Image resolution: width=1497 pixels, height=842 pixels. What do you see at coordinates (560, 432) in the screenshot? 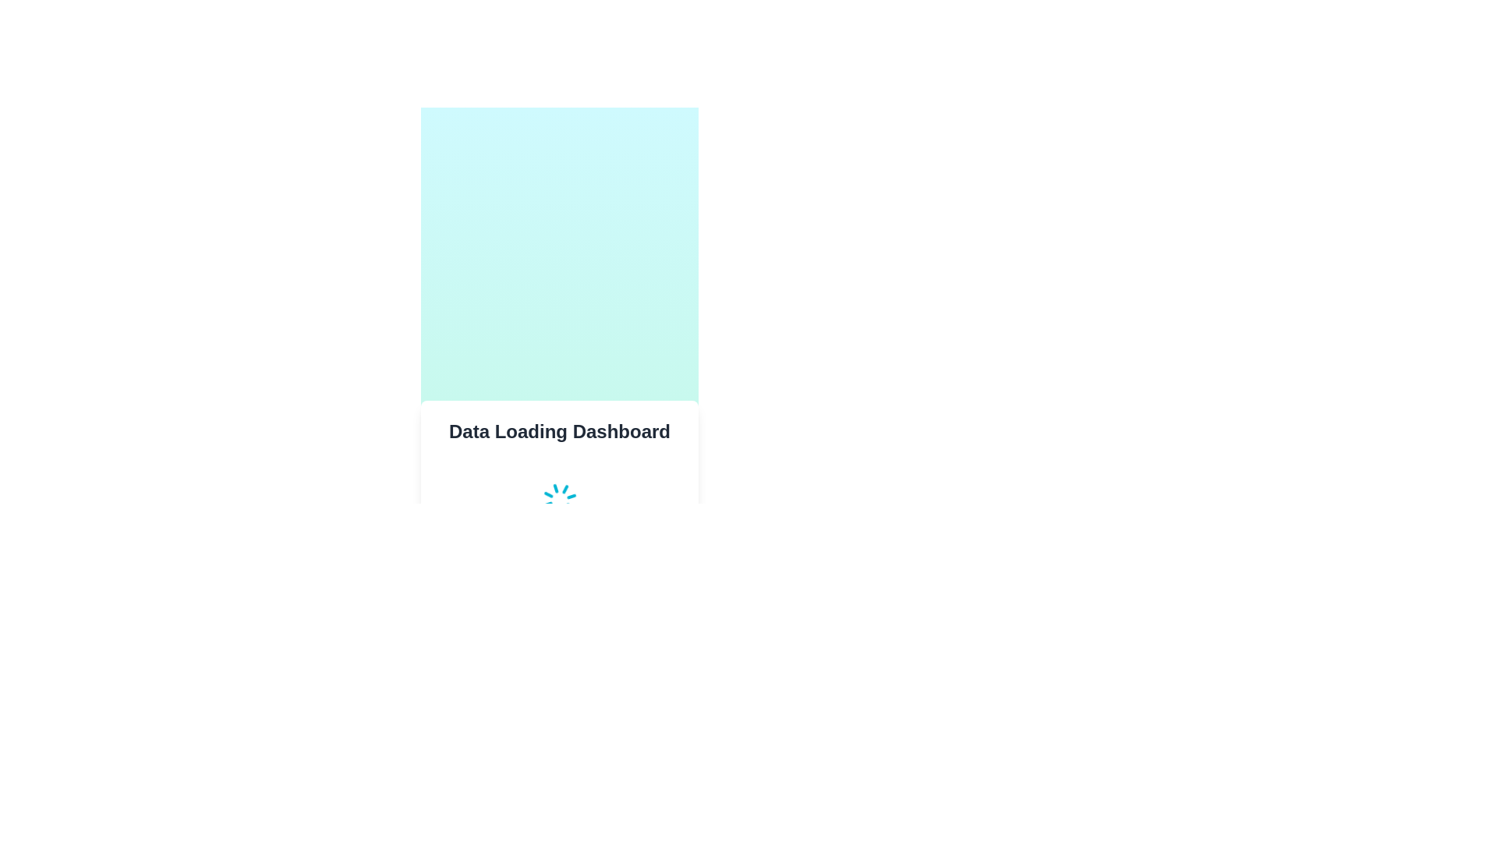
I see `the header Text Label located at the top of the white card-like section, which indicates the purpose of the dashboard area` at bounding box center [560, 432].